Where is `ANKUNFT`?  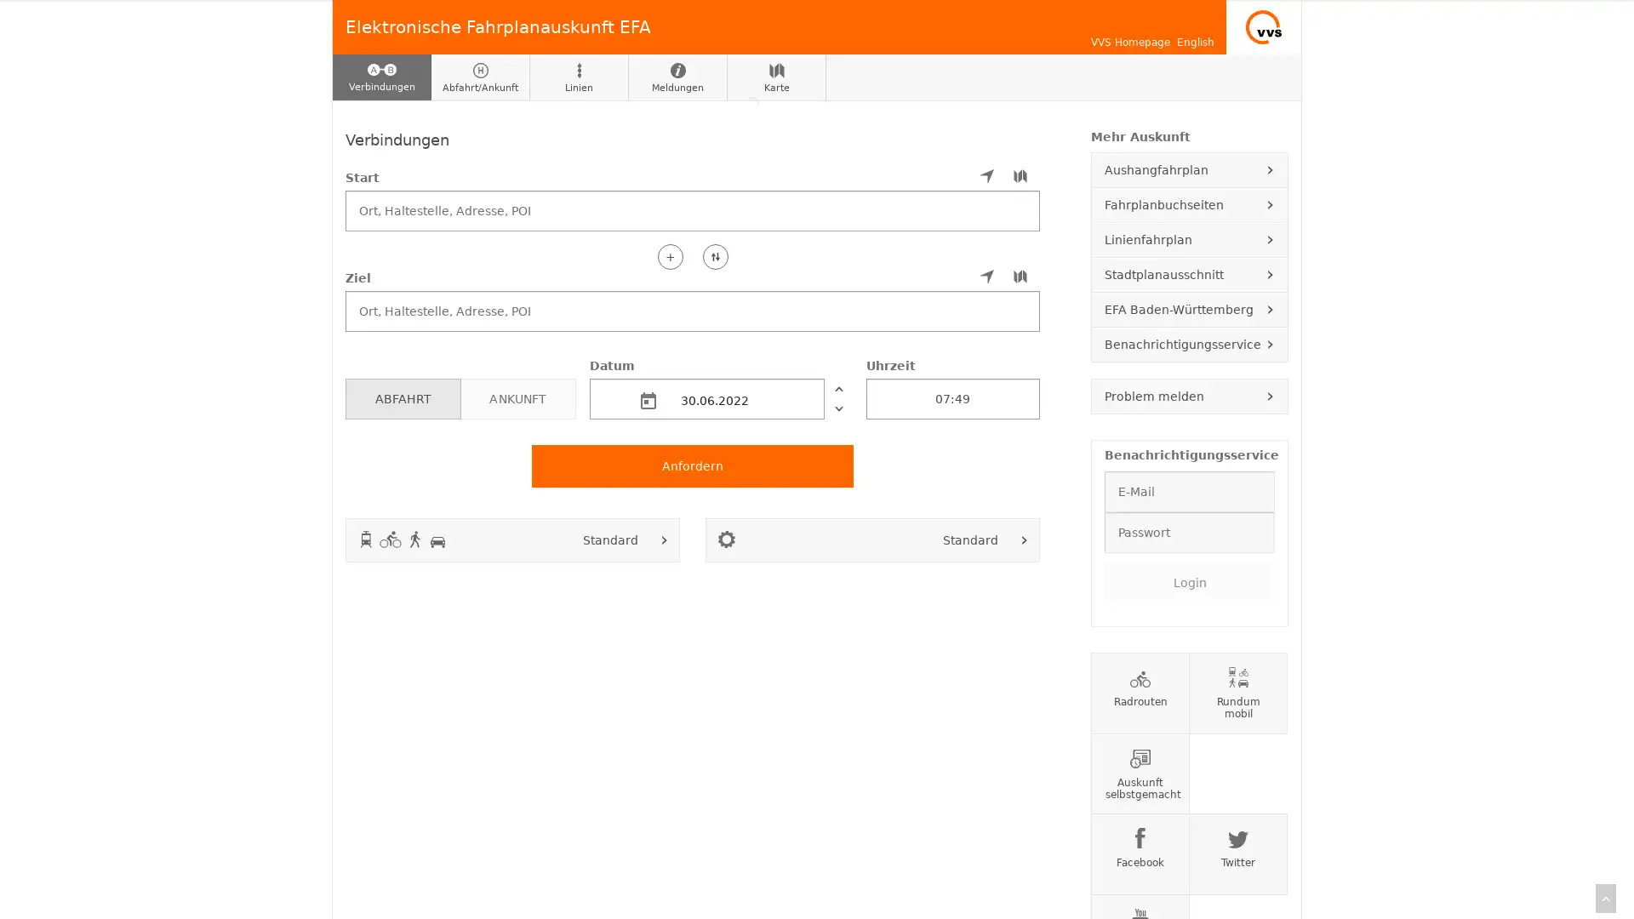
ANKUNFT is located at coordinates (517, 397).